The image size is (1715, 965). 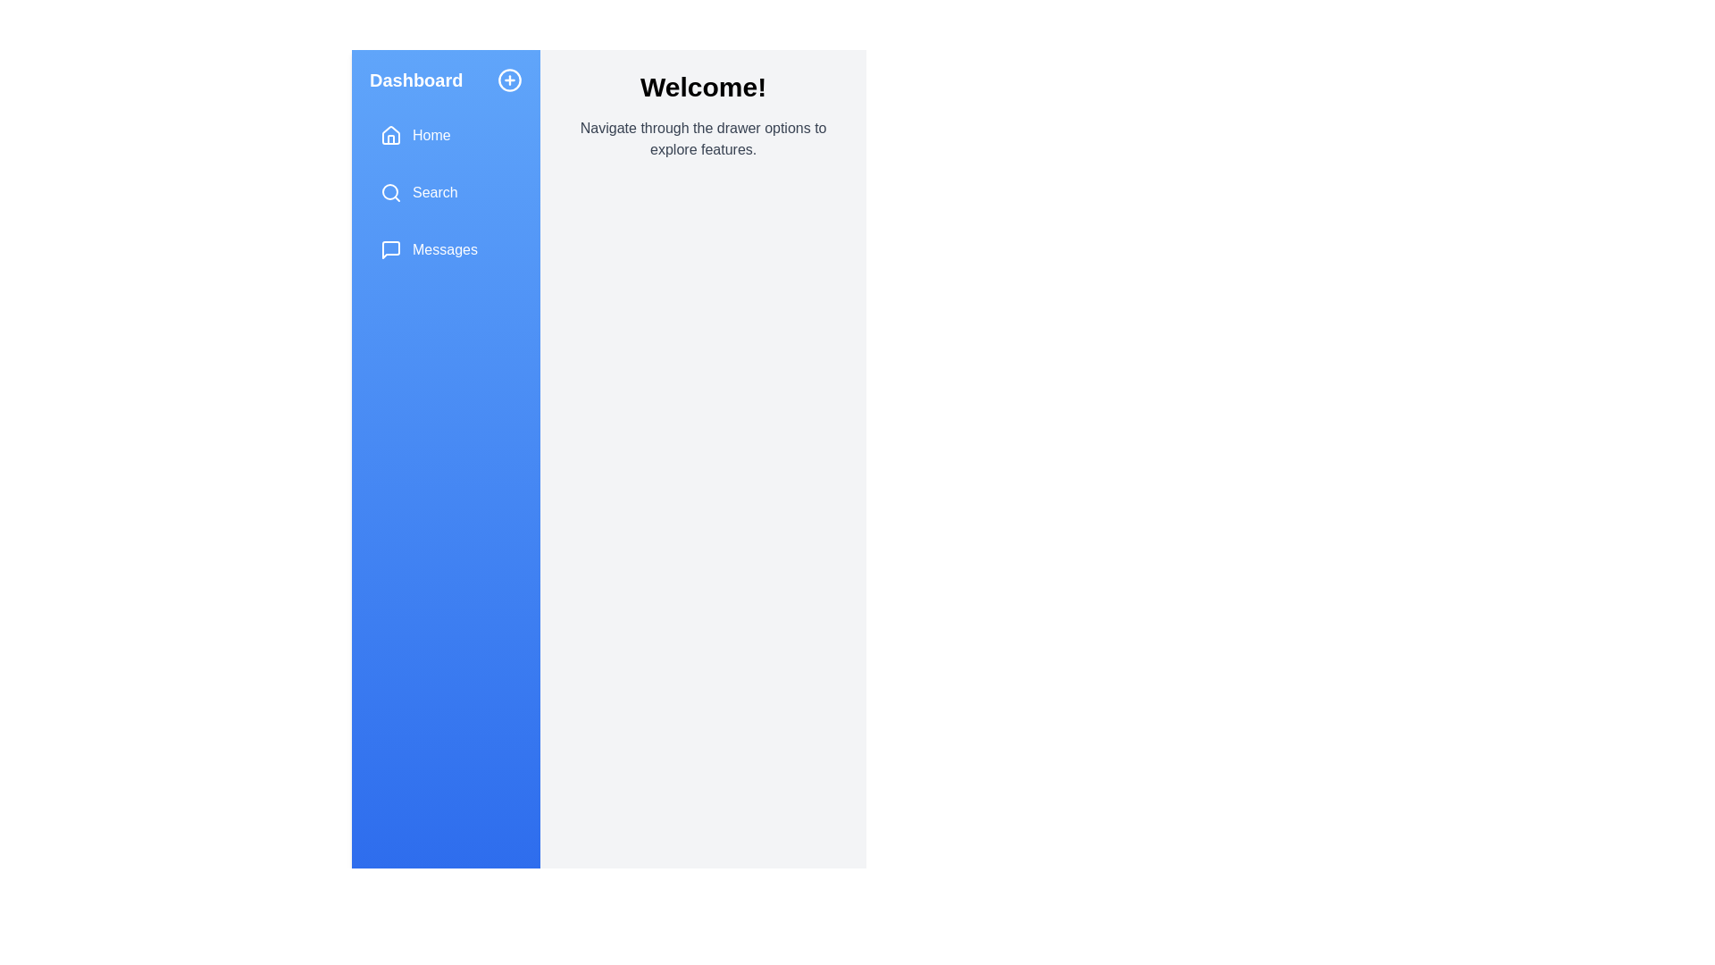 What do you see at coordinates (509, 79) in the screenshot?
I see `the plus button to toggle the drawer's state` at bounding box center [509, 79].